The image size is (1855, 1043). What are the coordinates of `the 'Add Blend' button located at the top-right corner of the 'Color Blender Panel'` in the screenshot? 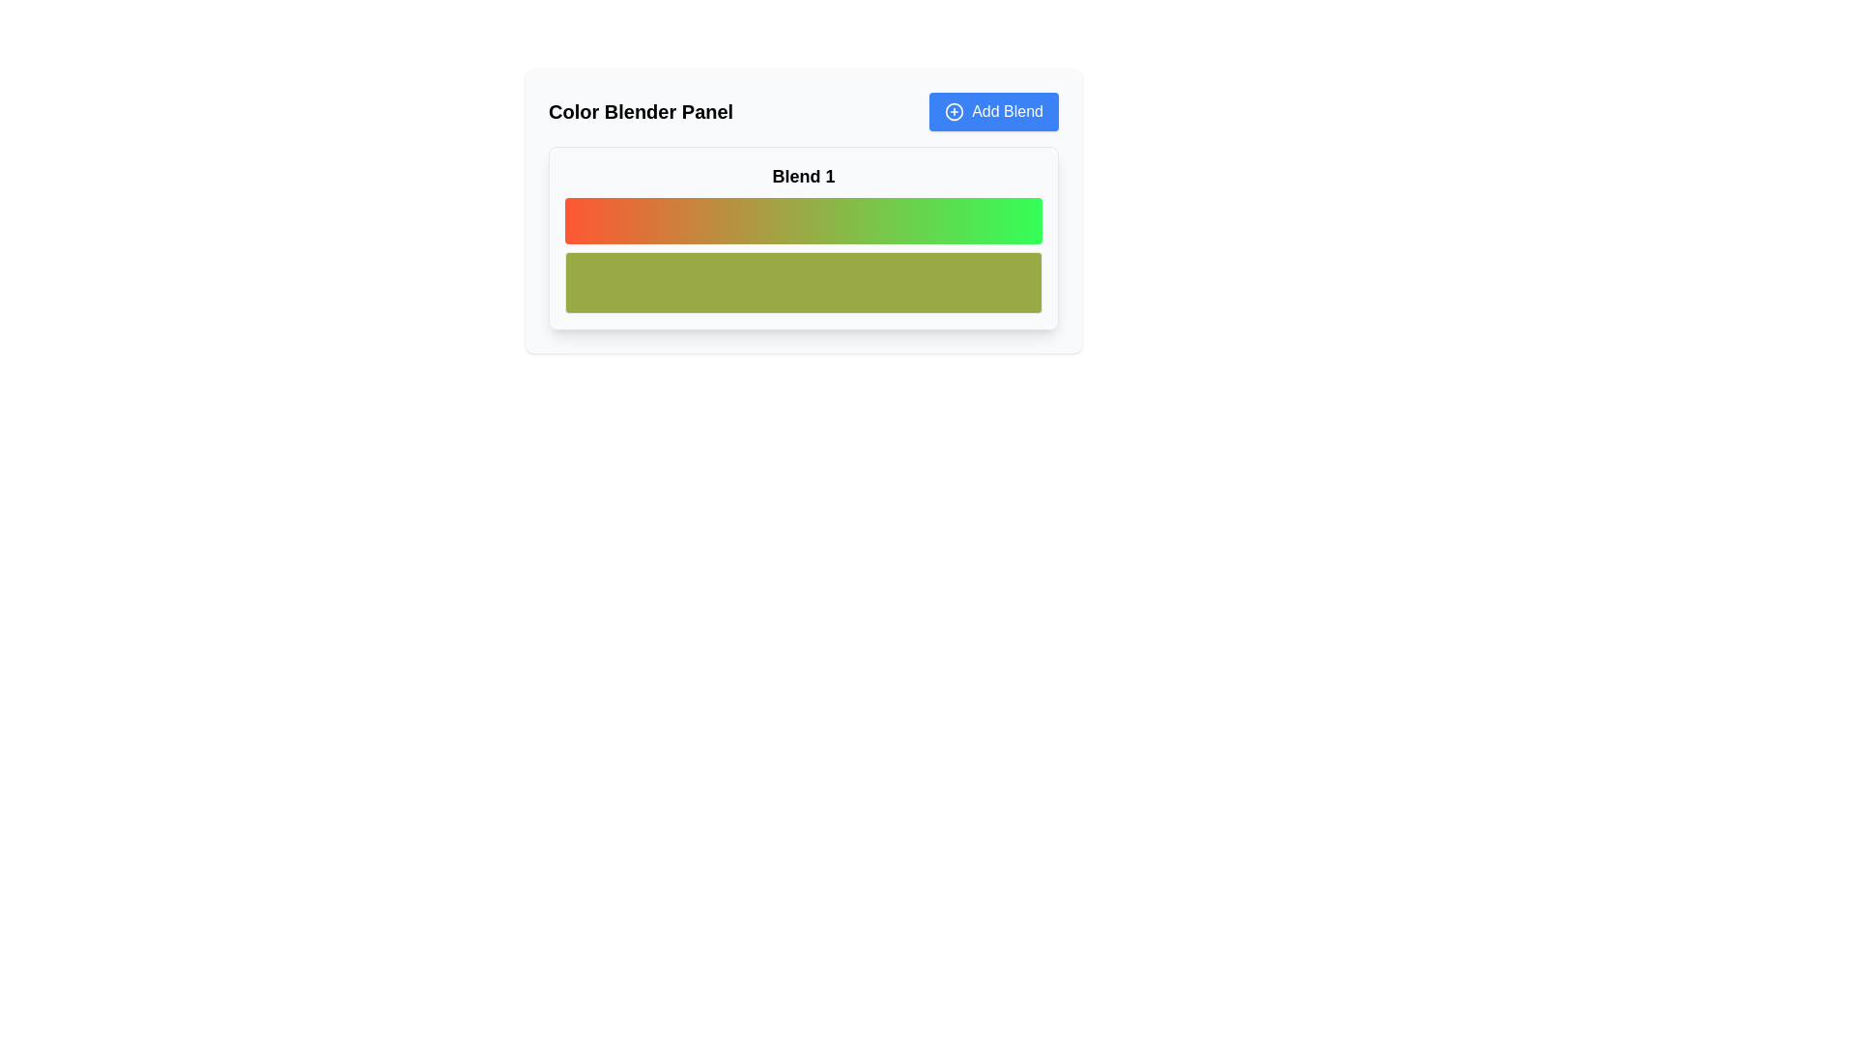 It's located at (994, 111).